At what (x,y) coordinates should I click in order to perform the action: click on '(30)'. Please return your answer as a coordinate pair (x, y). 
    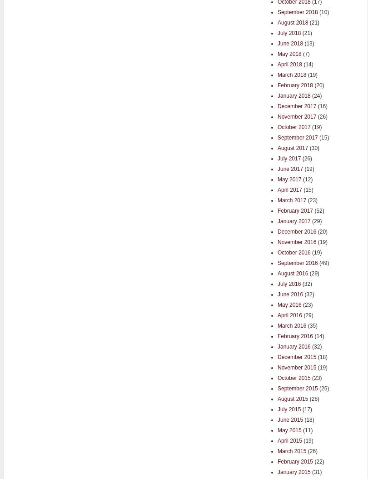
    Looking at the image, I should click on (313, 147).